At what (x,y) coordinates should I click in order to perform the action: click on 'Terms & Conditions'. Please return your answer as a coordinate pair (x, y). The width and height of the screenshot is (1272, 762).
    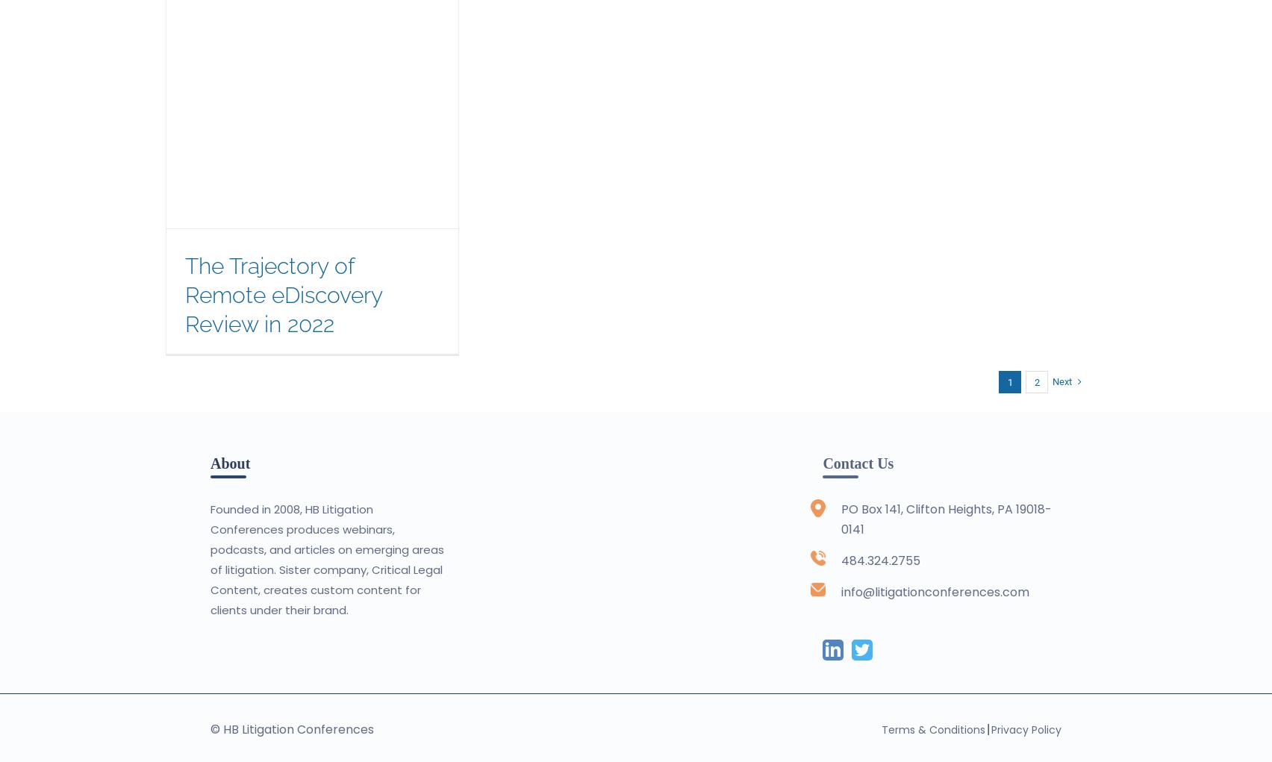
    Looking at the image, I should click on (932, 728).